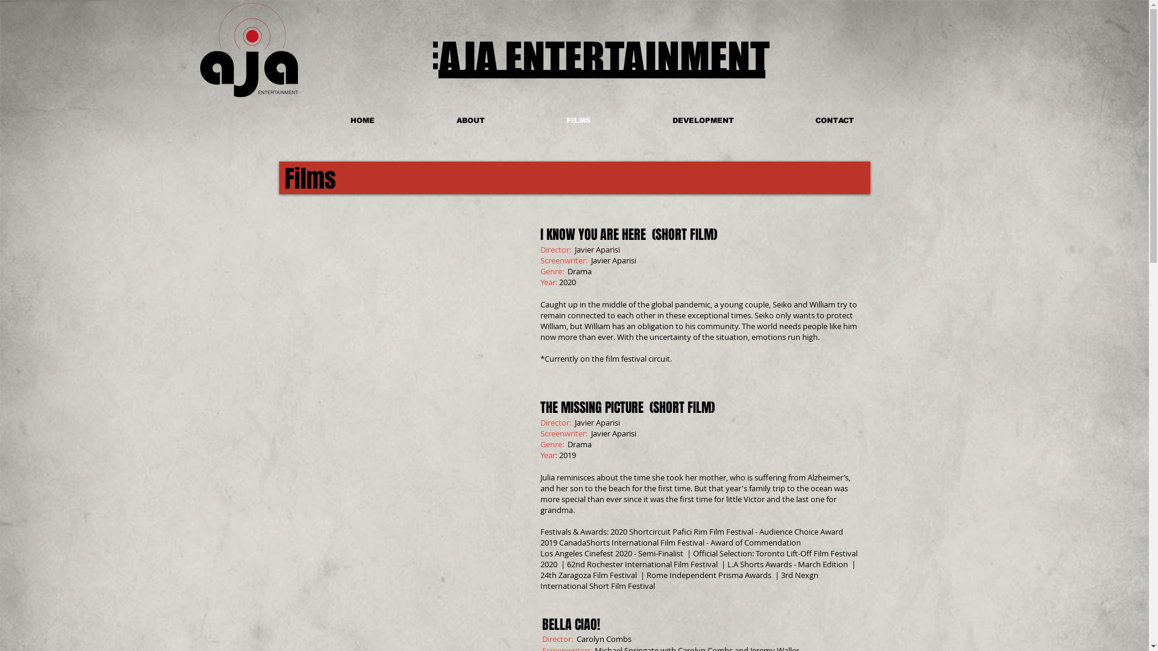 This screenshot has height=651, width=1158. Describe the element at coordinates (604, 58) in the screenshot. I see `'AJA ENTERTAINMENT'` at that location.